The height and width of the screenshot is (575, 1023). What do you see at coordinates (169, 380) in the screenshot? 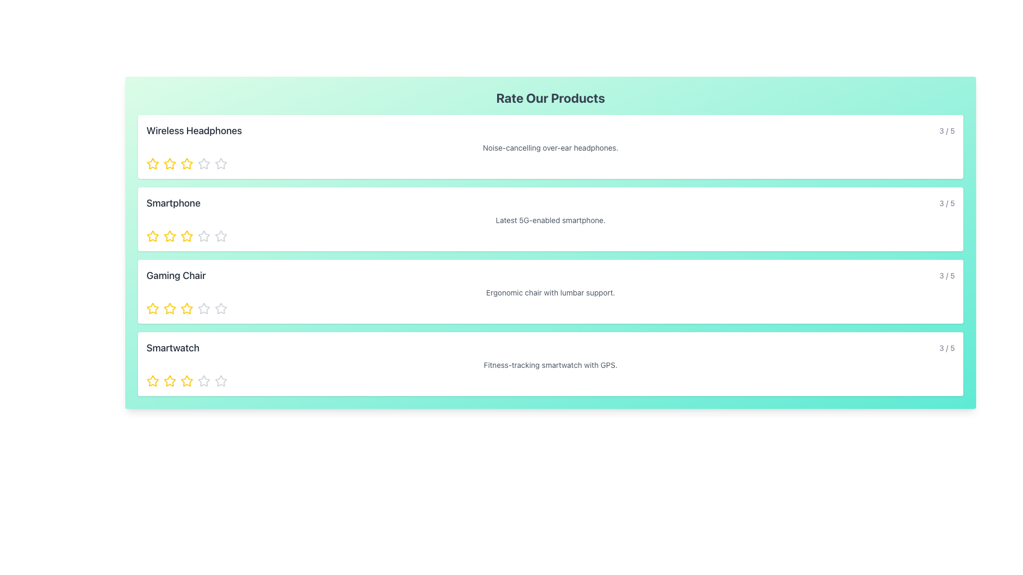
I see `the yellow star icon with a hollow center used for rating in the 'Smartwatch' row` at bounding box center [169, 380].